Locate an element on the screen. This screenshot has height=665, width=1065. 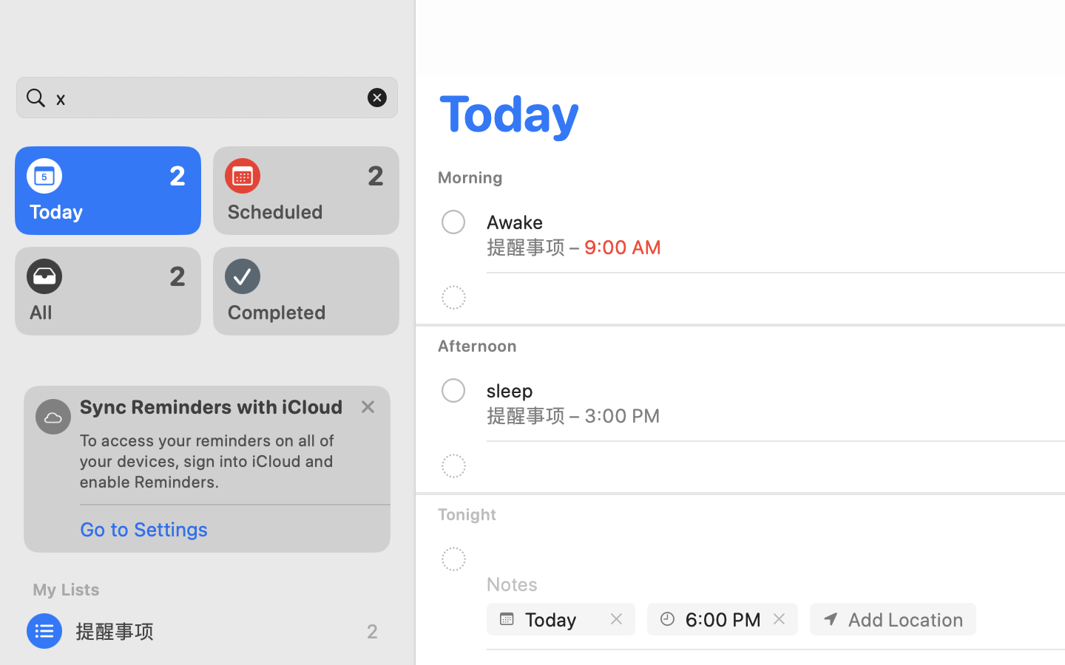
'提醒事项 – 9:00 AM' is located at coordinates (573, 245).